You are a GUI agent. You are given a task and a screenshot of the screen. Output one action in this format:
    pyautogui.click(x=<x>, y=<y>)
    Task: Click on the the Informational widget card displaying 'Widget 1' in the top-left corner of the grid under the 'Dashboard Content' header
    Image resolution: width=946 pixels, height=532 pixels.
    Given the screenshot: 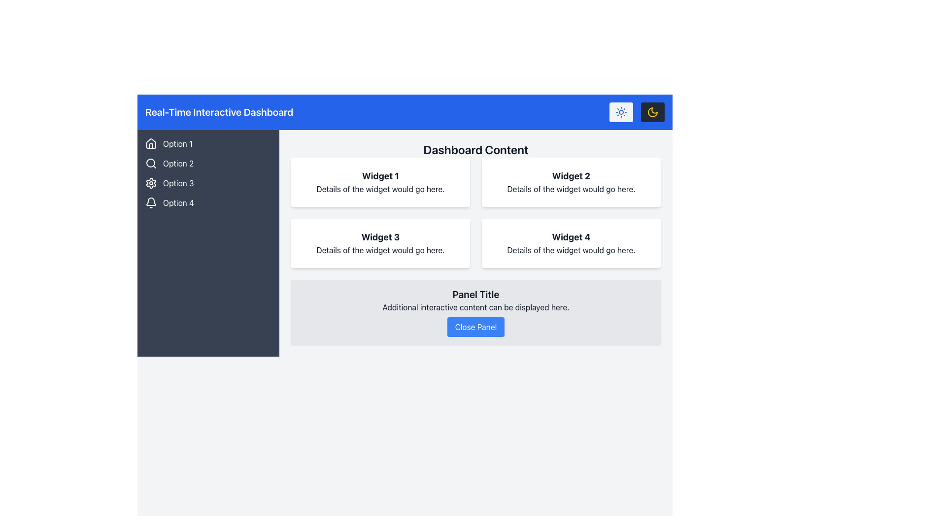 What is the action you would take?
    pyautogui.click(x=380, y=182)
    